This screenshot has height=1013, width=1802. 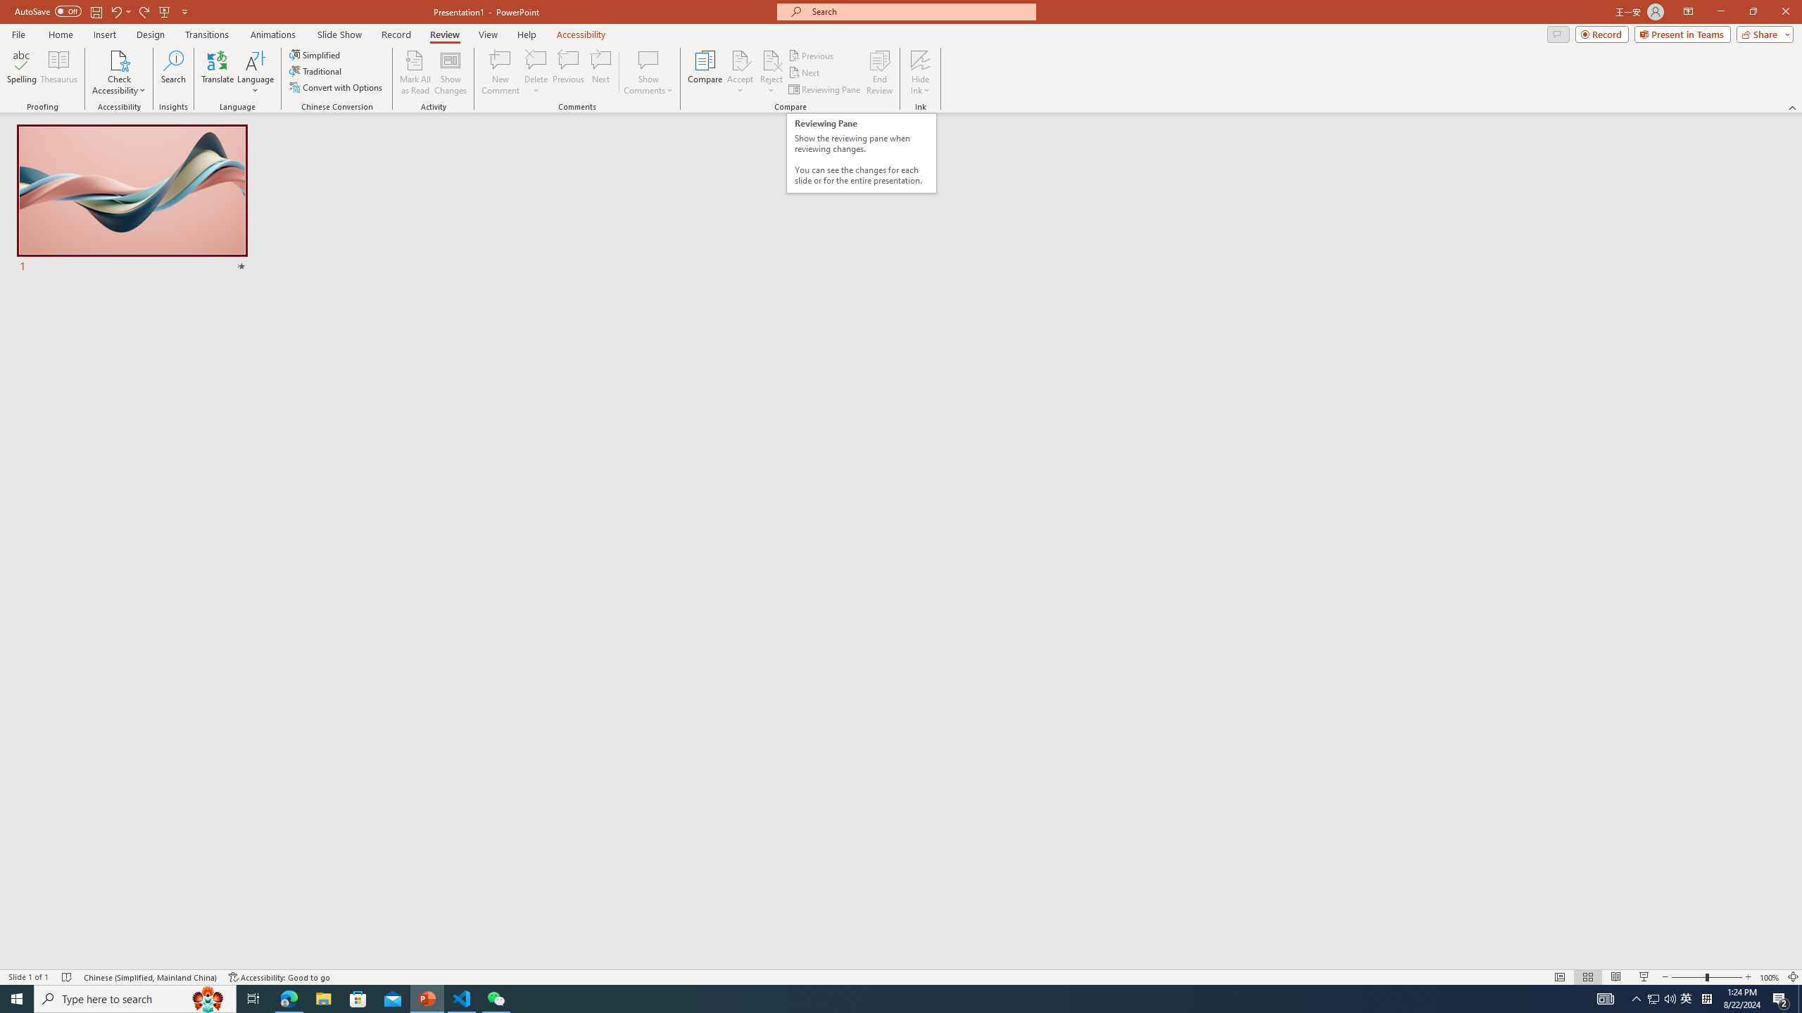 I want to click on 'Convert with Options...', so click(x=336, y=86).